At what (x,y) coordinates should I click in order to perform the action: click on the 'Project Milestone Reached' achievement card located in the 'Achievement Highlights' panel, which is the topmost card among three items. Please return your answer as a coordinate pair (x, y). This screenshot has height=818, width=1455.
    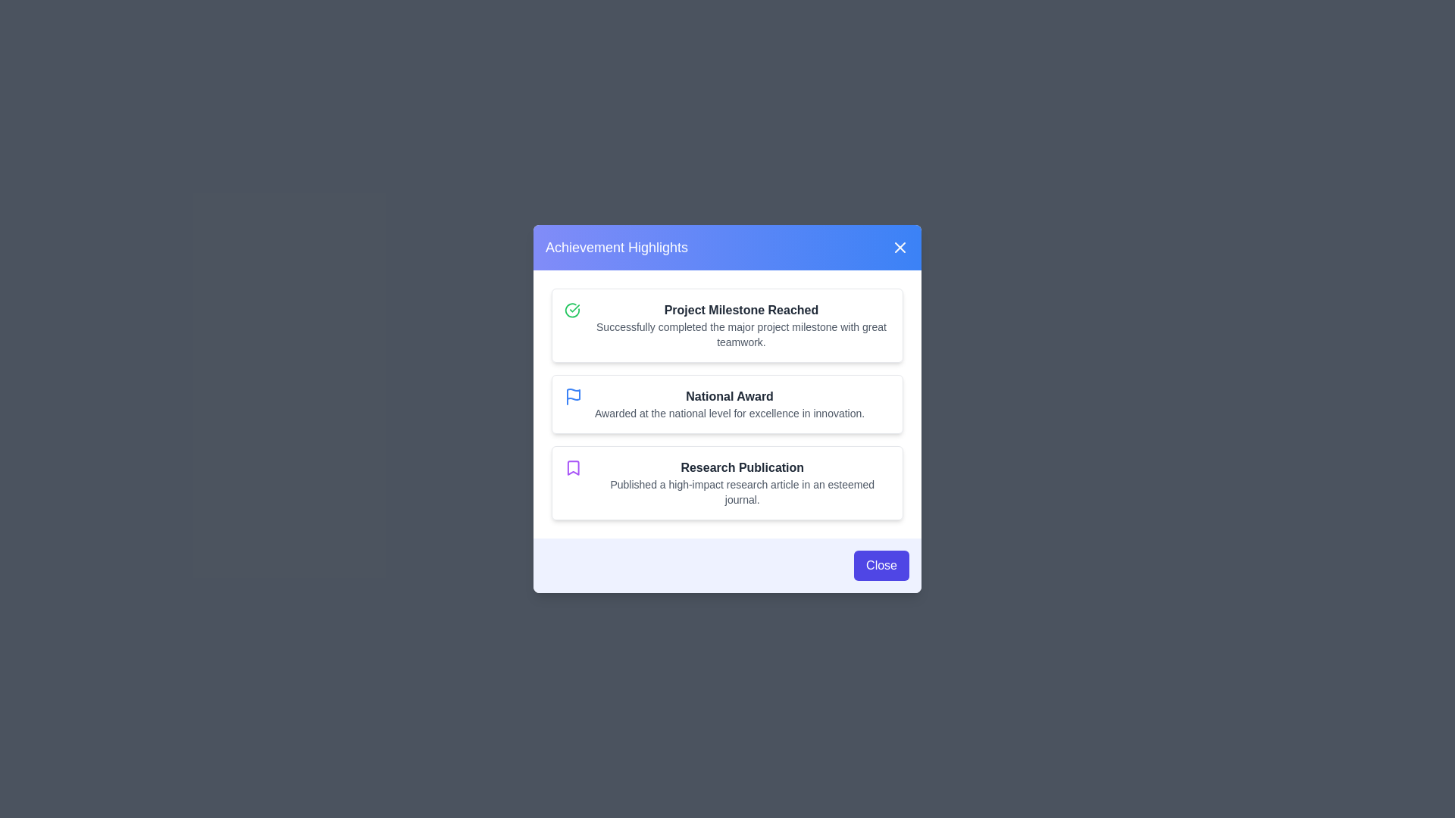
    Looking at the image, I should click on (741, 324).